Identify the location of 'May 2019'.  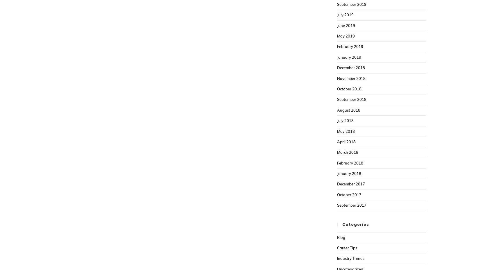
(346, 36).